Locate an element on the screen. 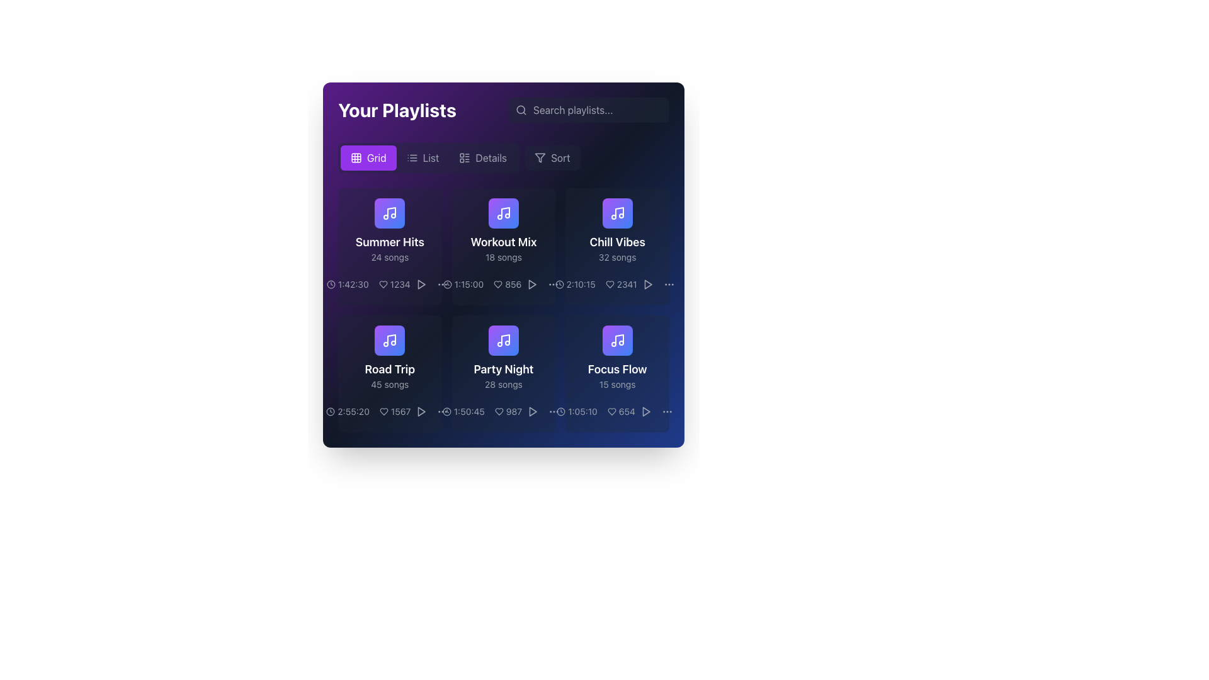 This screenshot has height=680, width=1209. the play button located in the 'Road Trip' playlist card to initiate playback of the associated playlist is located at coordinates (421, 412).